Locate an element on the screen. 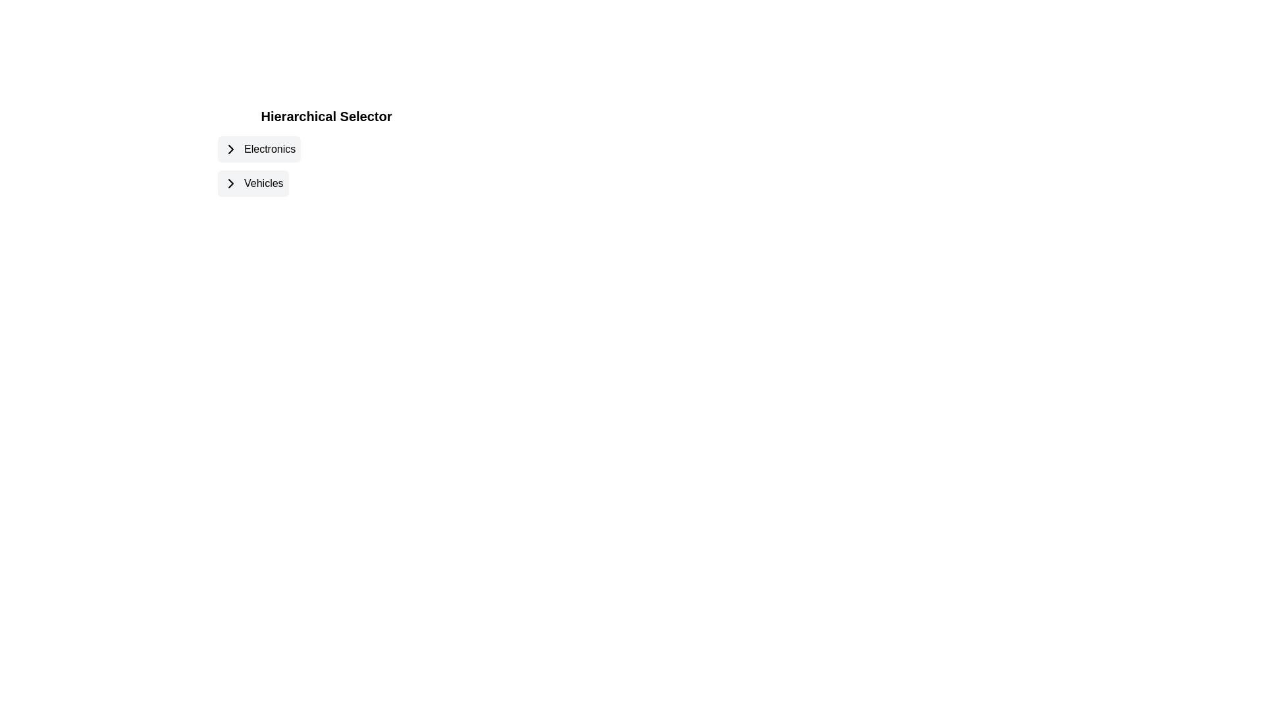 The width and height of the screenshot is (1264, 711). the Chevron-Right icon next to the 'Electronics' label is located at coordinates (230, 149).